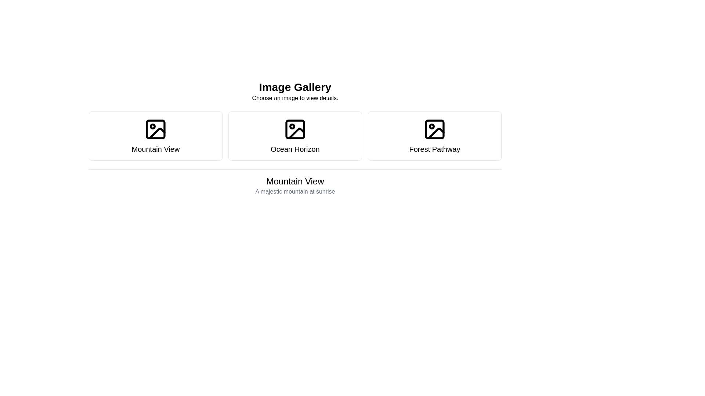 This screenshot has width=705, height=396. I want to click on the title and subtitle text block that introduces the image gallery and instructs the user to select an image from the options below, so click(295, 91).